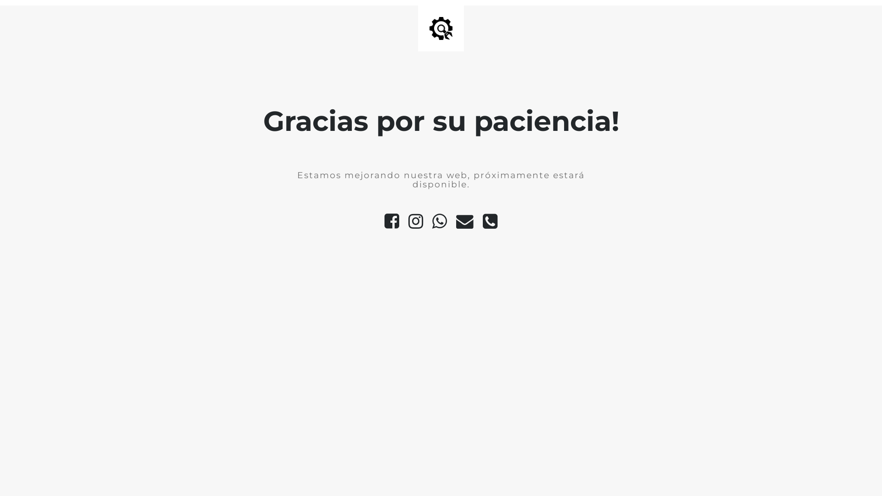  Describe the element at coordinates (429, 28) in the screenshot. I see `'Site is Under Construction'` at that location.